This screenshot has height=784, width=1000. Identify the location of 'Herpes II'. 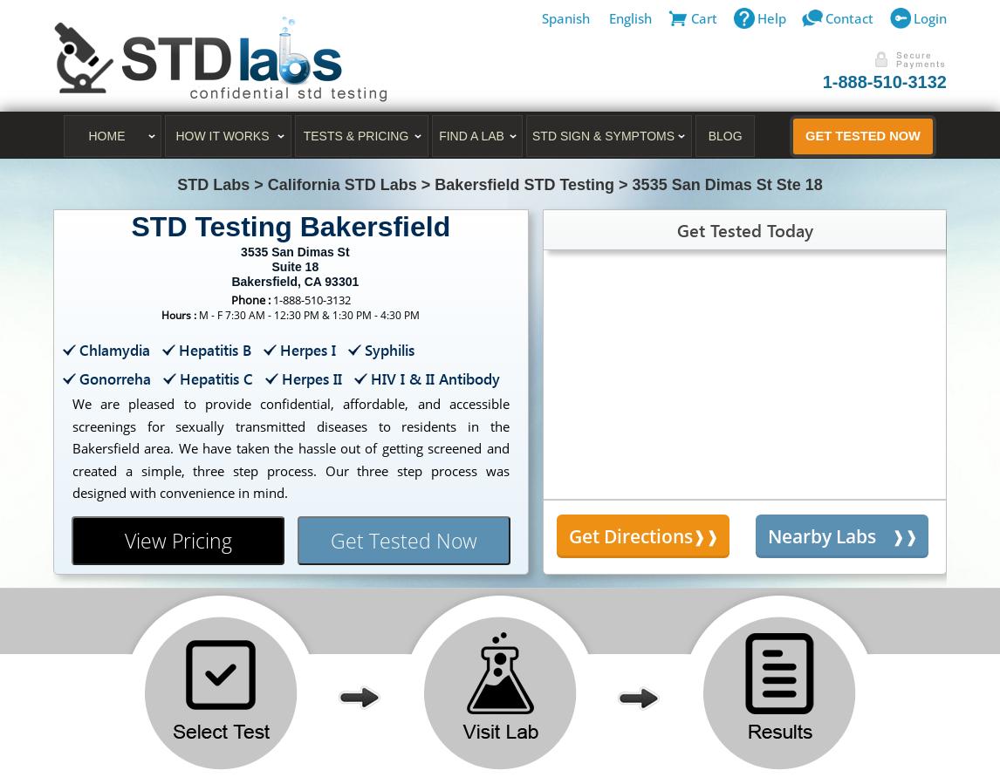
(280, 378).